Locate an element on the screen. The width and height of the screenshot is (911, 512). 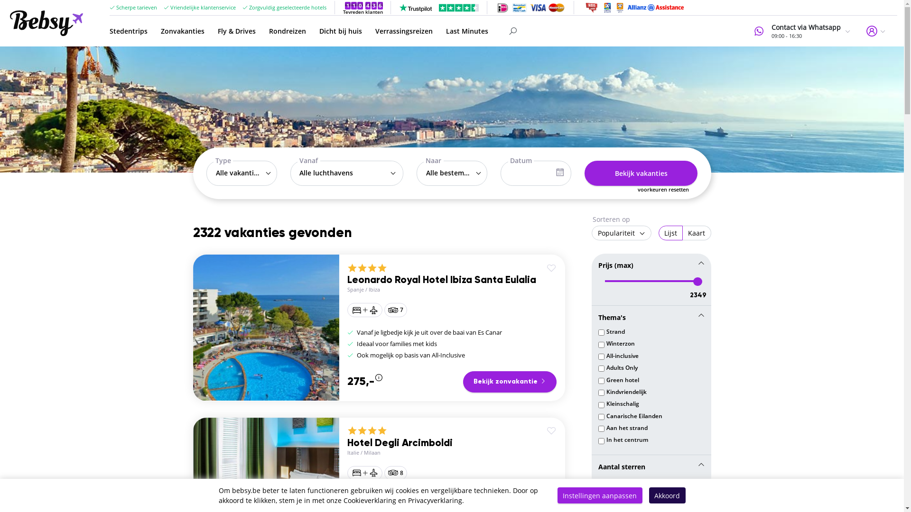
'Privacyverklaring' is located at coordinates (434, 500).